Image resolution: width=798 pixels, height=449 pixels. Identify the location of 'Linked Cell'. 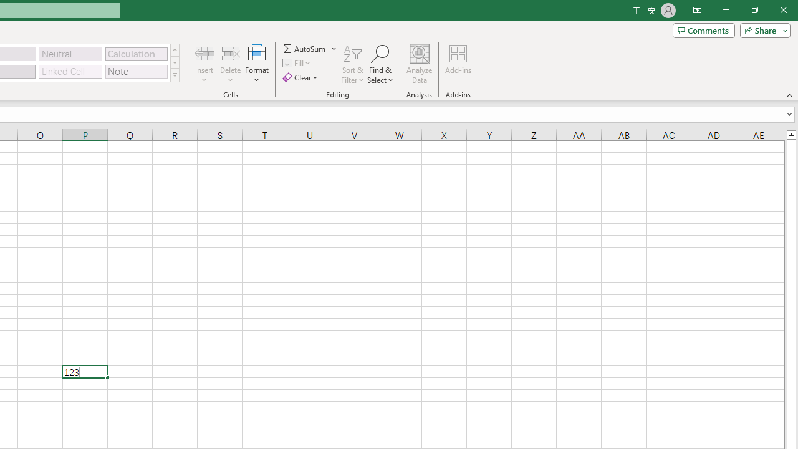
(70, 71).